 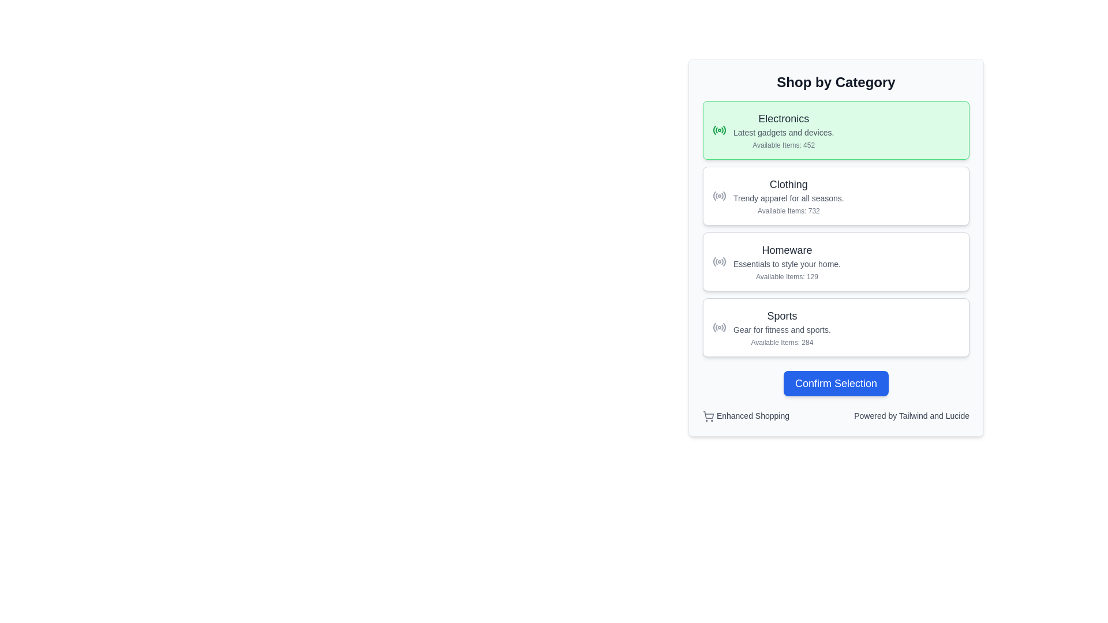 What do you see at coordinates (784, 118) in the screenshot?
I see `the bold text label 'Electronics', which is styled in medium font size and dark gray color, positioned at the top of the category section` at bounding box center [784, 118].